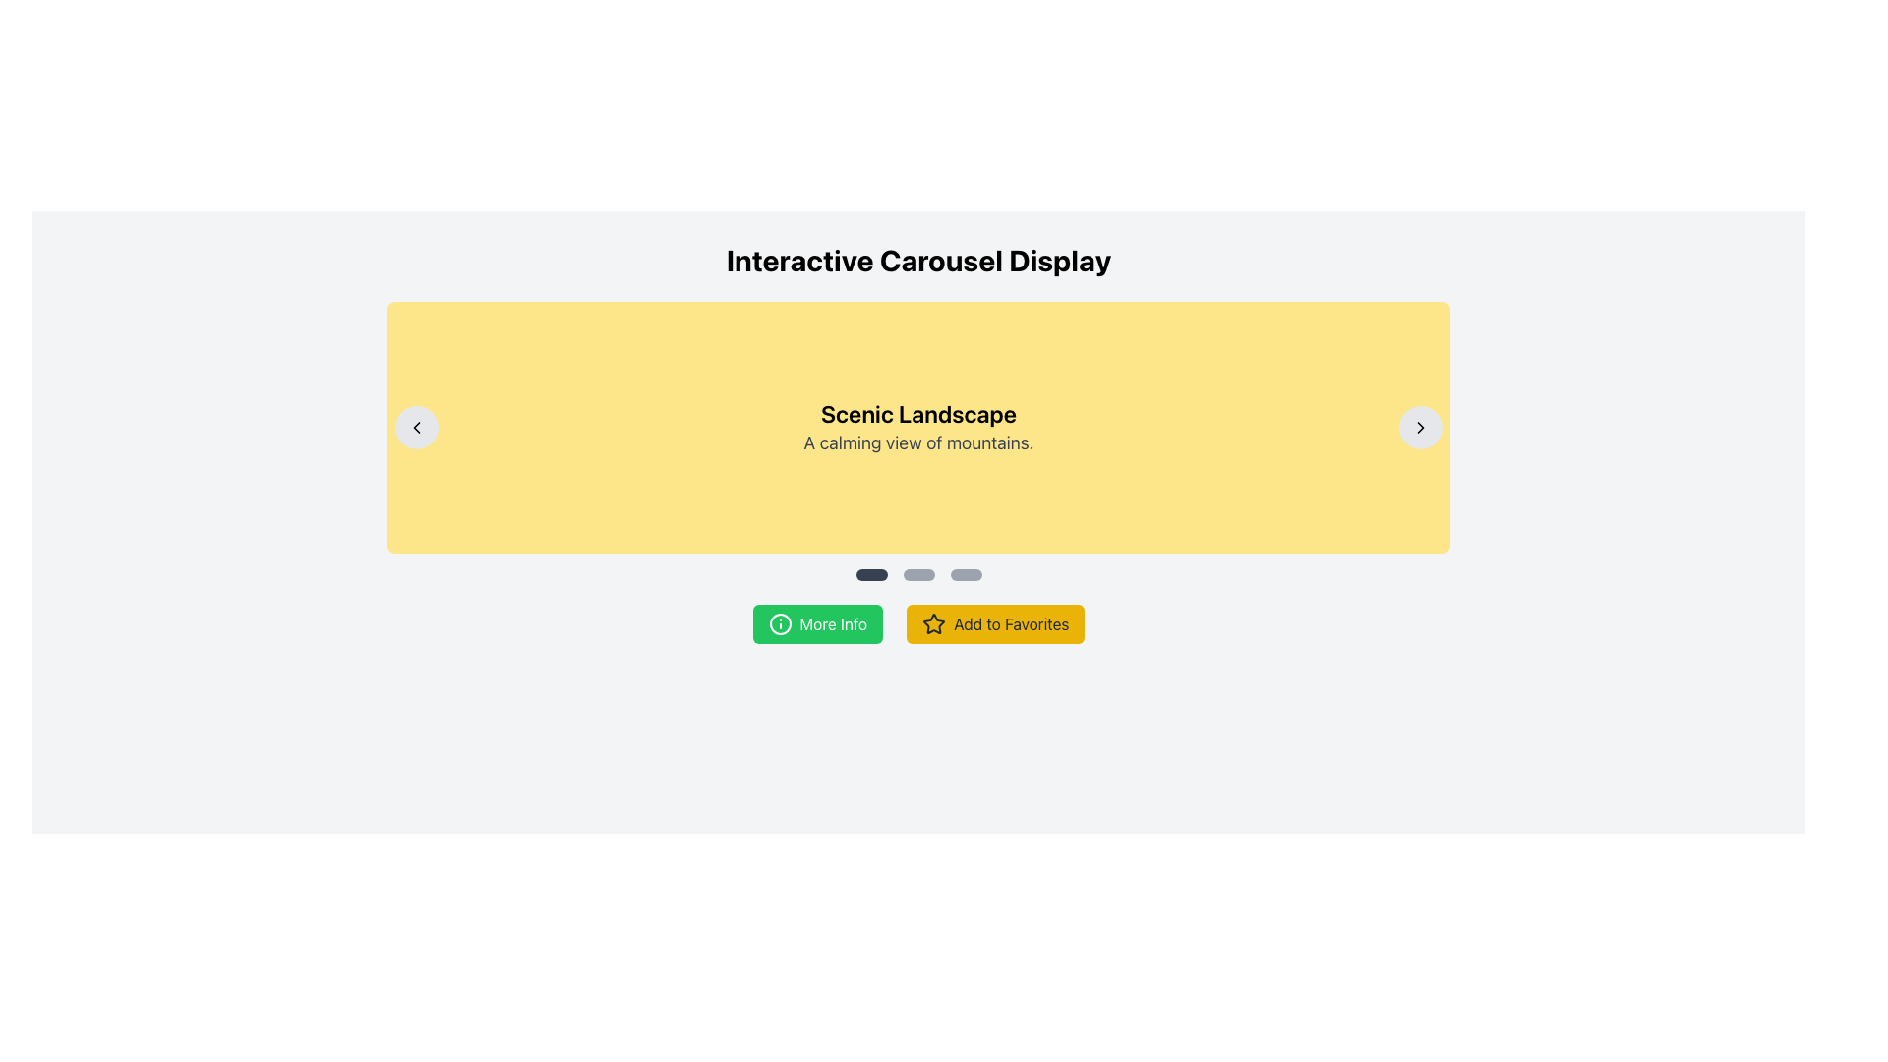 Image resolution: width=1888 pixels, height=1062 pixels. Describe the element at coordinates (1421, 427) in the screenshot. I see `the rightward arrow icon` at that location.